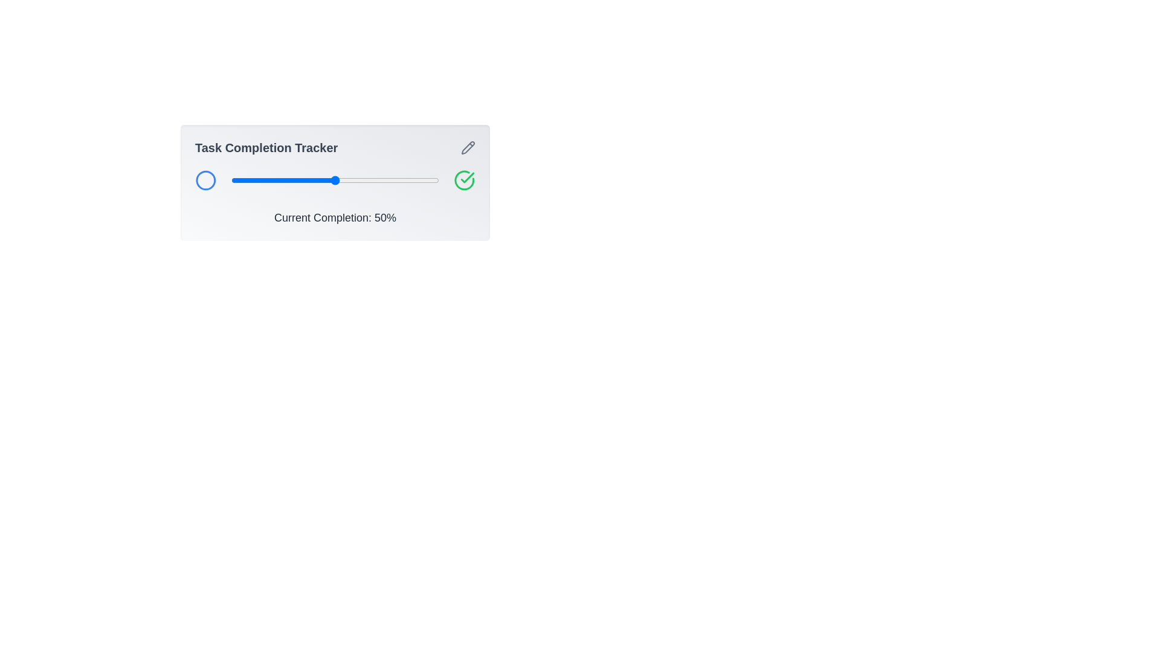  Describe the element at coordinates (414, 181) in the screenshot. I see `the slider to set the task completion percentage to 88` at that location.